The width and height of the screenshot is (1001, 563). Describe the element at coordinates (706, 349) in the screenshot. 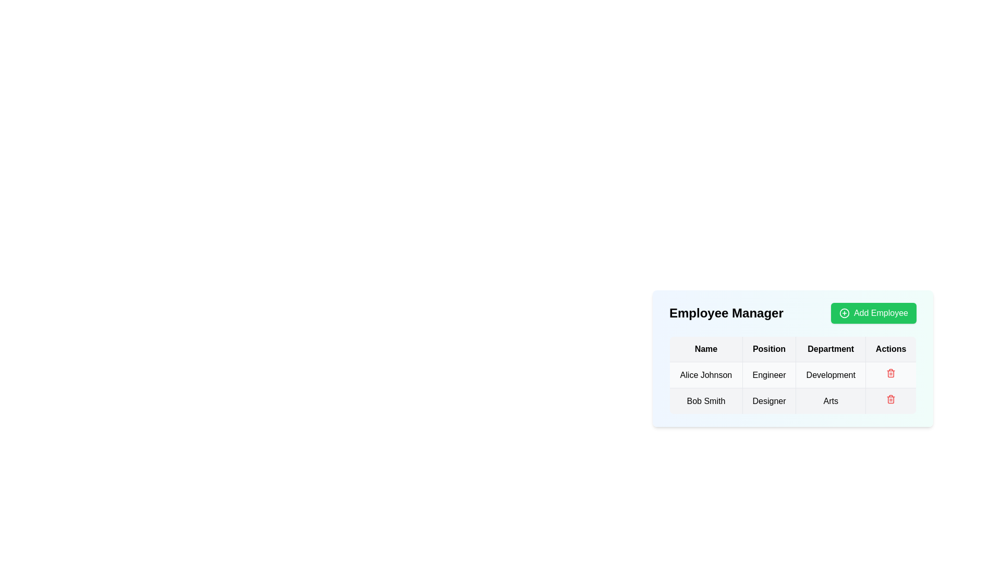

I see `the 'Name' label, which is the leftmost column header in a table layout, displaying 'Name' in bold black font` at that location.